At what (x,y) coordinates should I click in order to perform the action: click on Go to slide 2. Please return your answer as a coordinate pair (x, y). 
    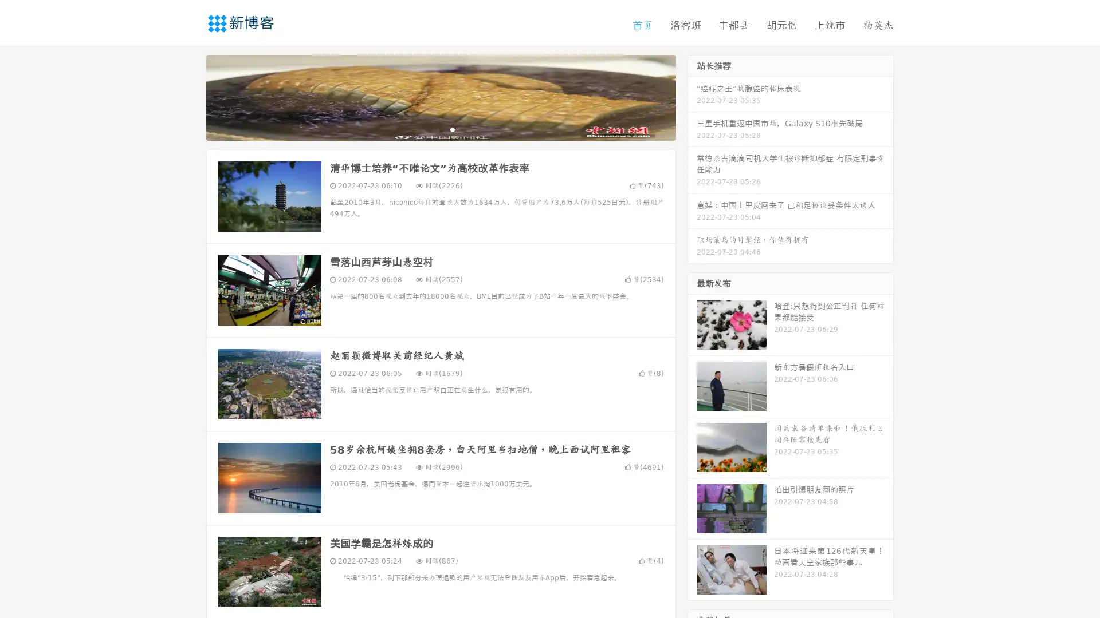
    Looking at the image, I should click on (440, 129).